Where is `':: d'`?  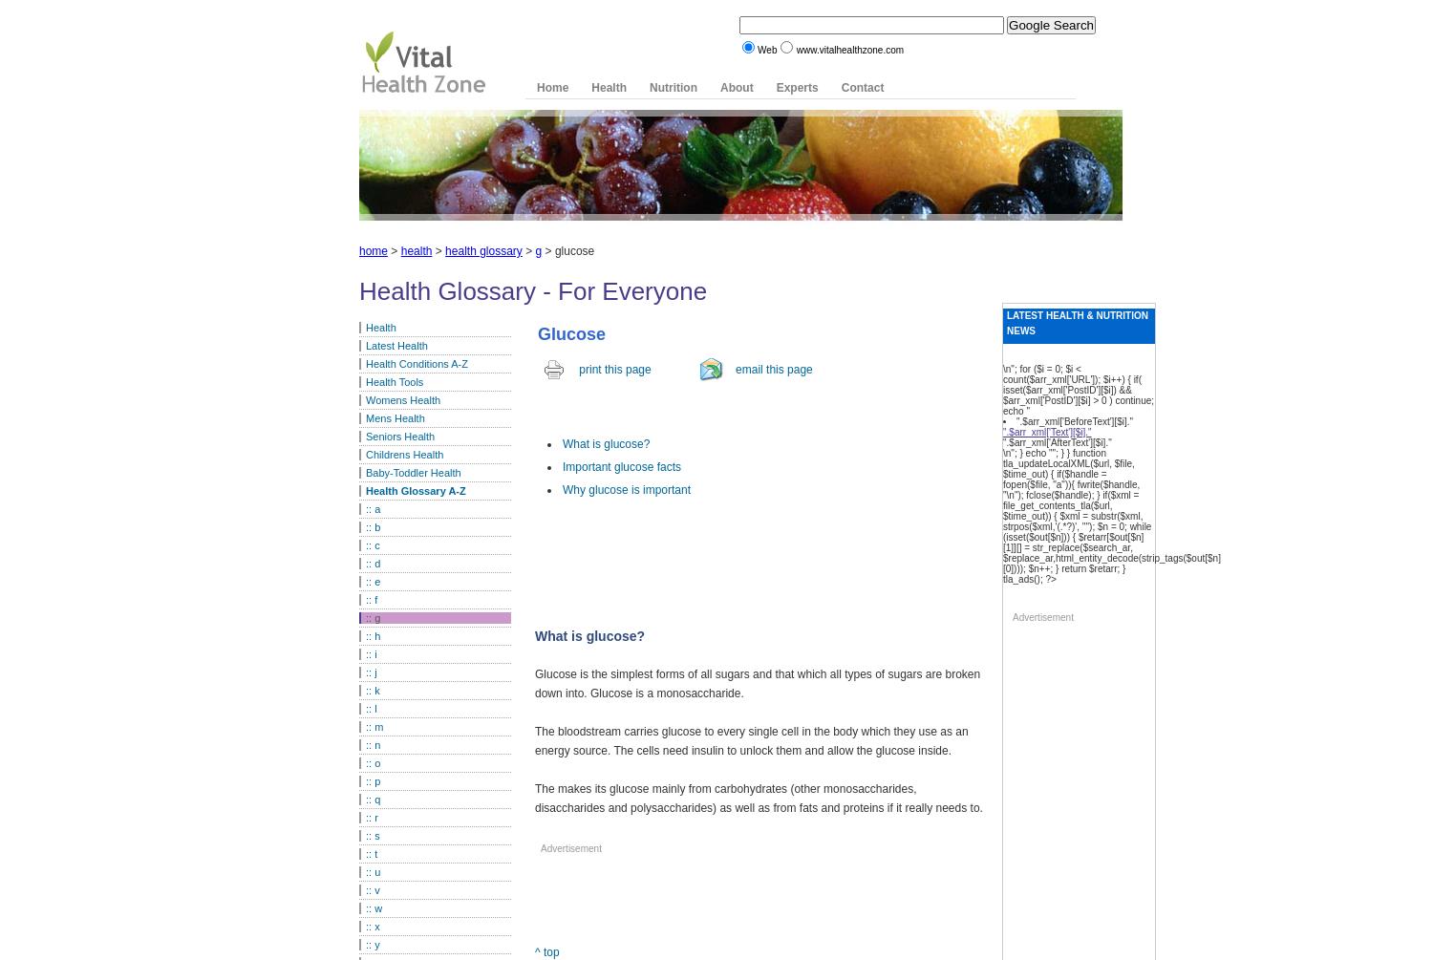 ':: d' is located at coordinates (373, 563).